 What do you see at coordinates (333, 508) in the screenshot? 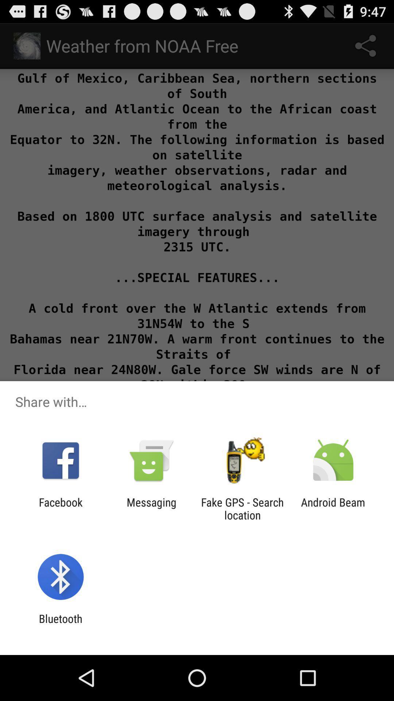
I see `the icon at the bottom right corner` at bounding box center [333, 508].